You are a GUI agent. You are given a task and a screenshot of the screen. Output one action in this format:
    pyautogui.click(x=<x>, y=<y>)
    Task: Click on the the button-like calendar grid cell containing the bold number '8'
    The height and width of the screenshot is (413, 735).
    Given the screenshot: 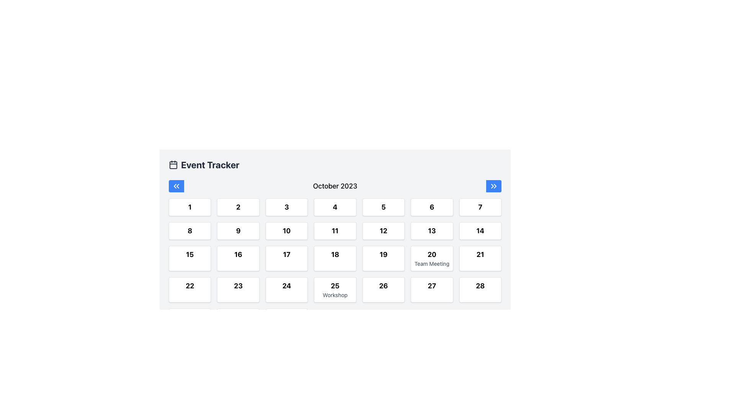 What is the action you would take?
    pyautogui.click(x=190, y=231)
    